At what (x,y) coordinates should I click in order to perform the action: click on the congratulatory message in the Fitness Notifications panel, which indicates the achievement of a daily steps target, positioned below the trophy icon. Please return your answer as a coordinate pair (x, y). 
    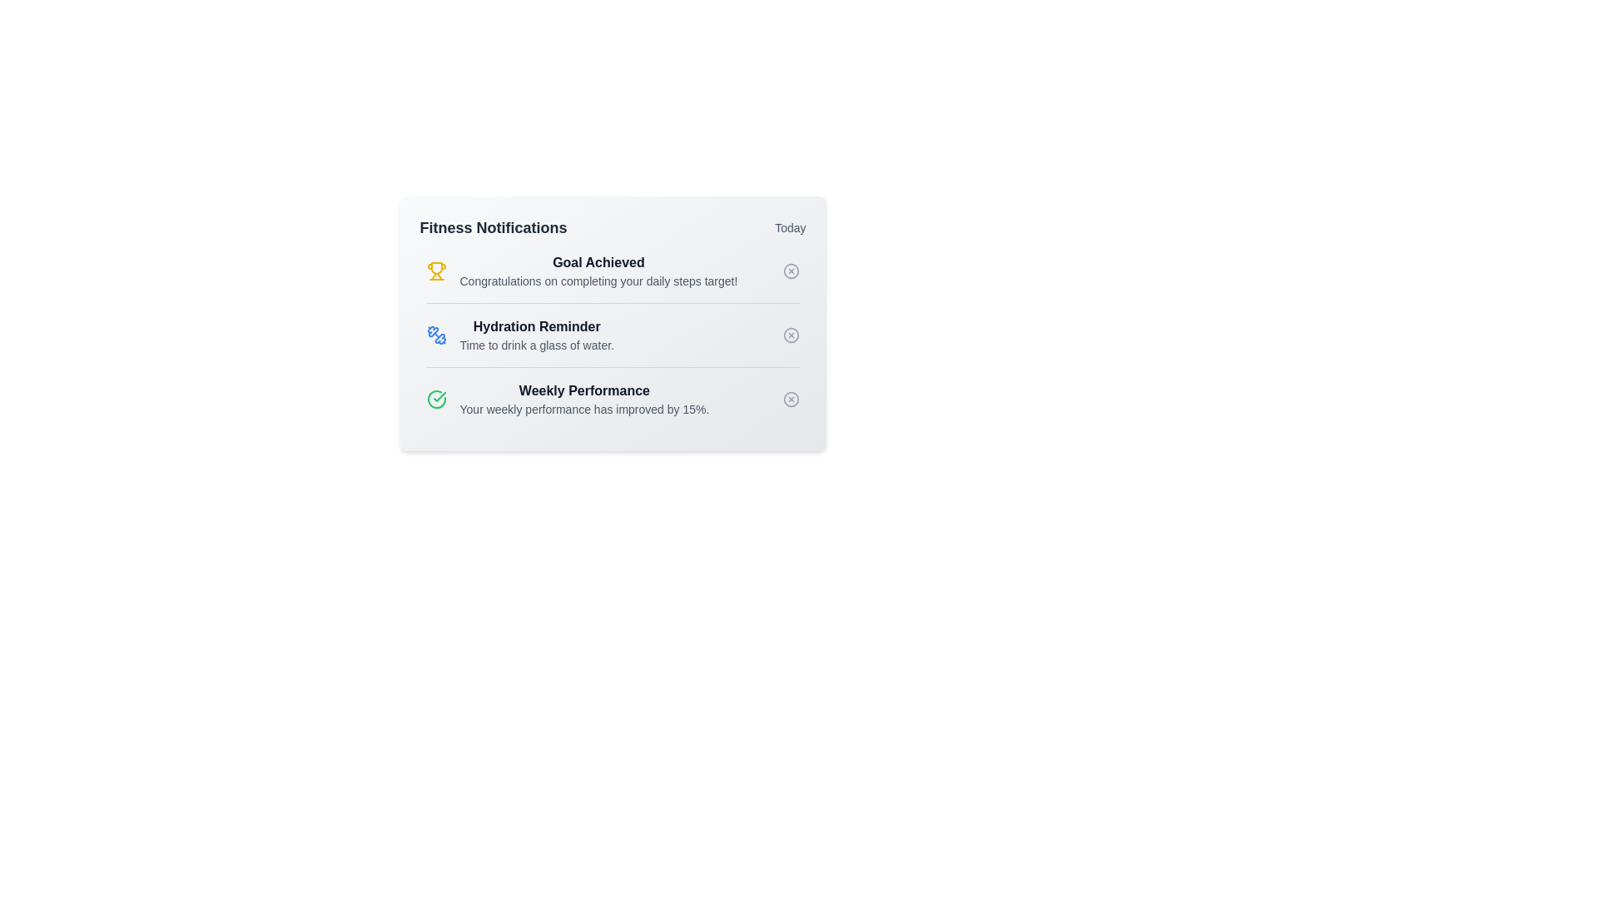
    Looking at the image, I should click on (598, 271).